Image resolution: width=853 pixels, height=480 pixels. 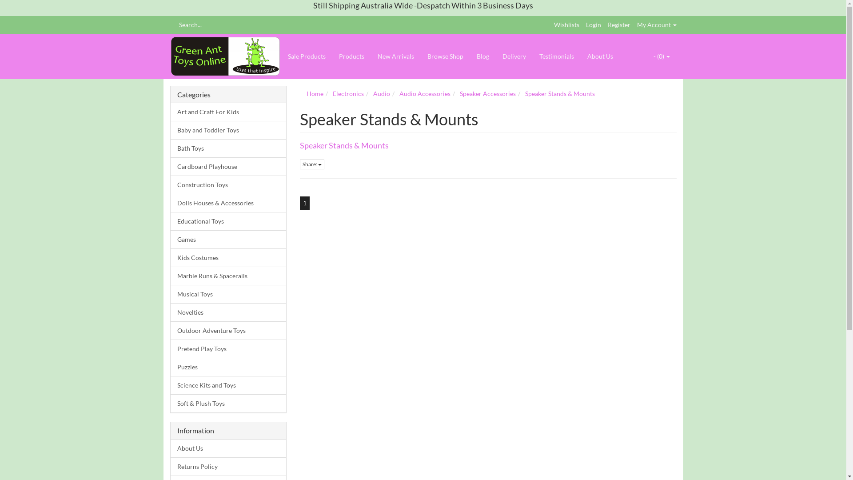 What do you see at coordinates (171, 166) in the screenshot?
I see `'Cardboard Playhouse'` at bounding box center [171, 166].